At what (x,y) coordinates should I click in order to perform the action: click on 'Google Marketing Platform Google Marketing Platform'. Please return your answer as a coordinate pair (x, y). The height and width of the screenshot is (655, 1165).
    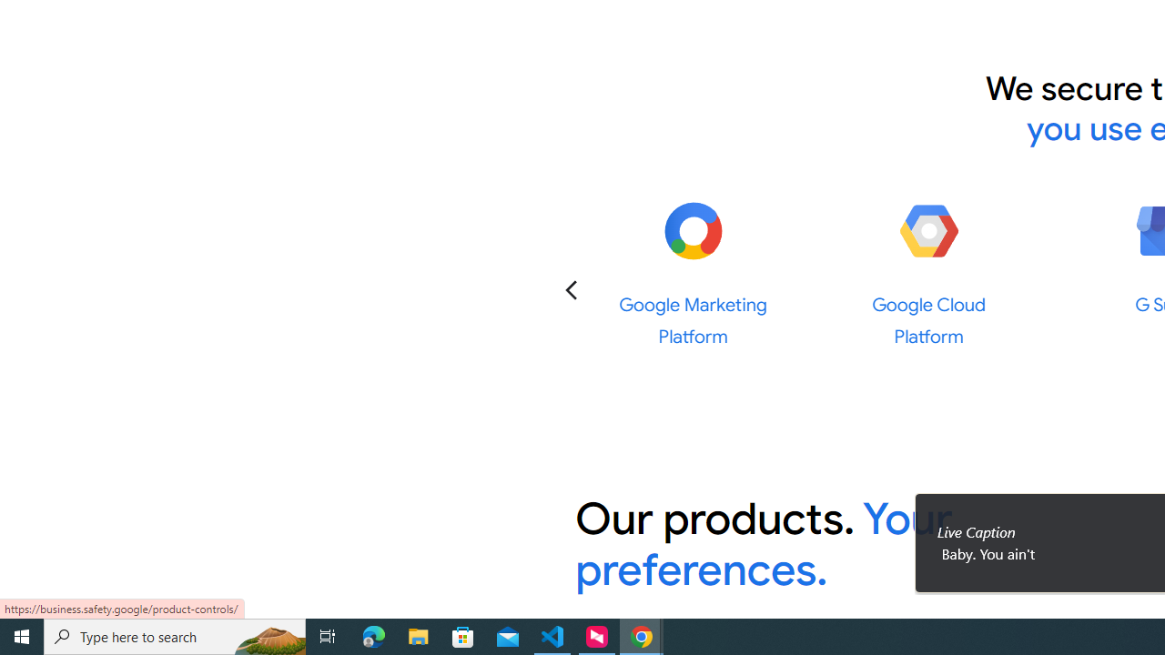
    Looking at the image, I should click on (693, 274).